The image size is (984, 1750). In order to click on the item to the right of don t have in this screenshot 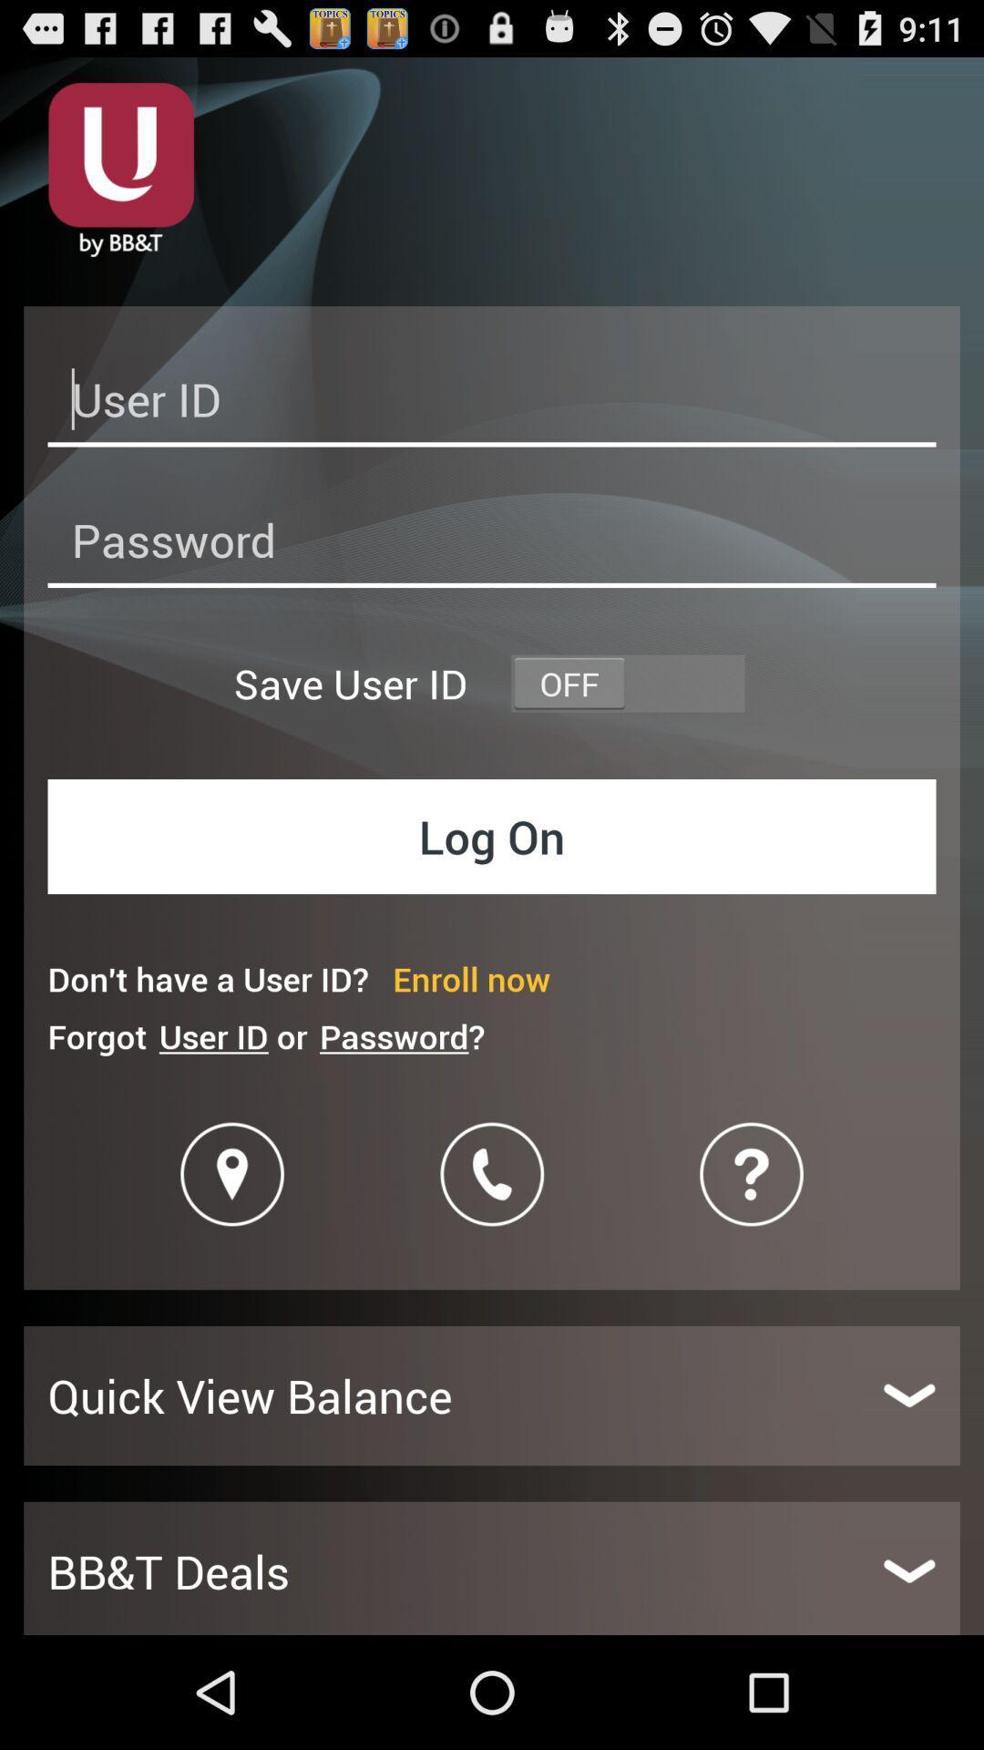, I will do `click(470, 978)`.